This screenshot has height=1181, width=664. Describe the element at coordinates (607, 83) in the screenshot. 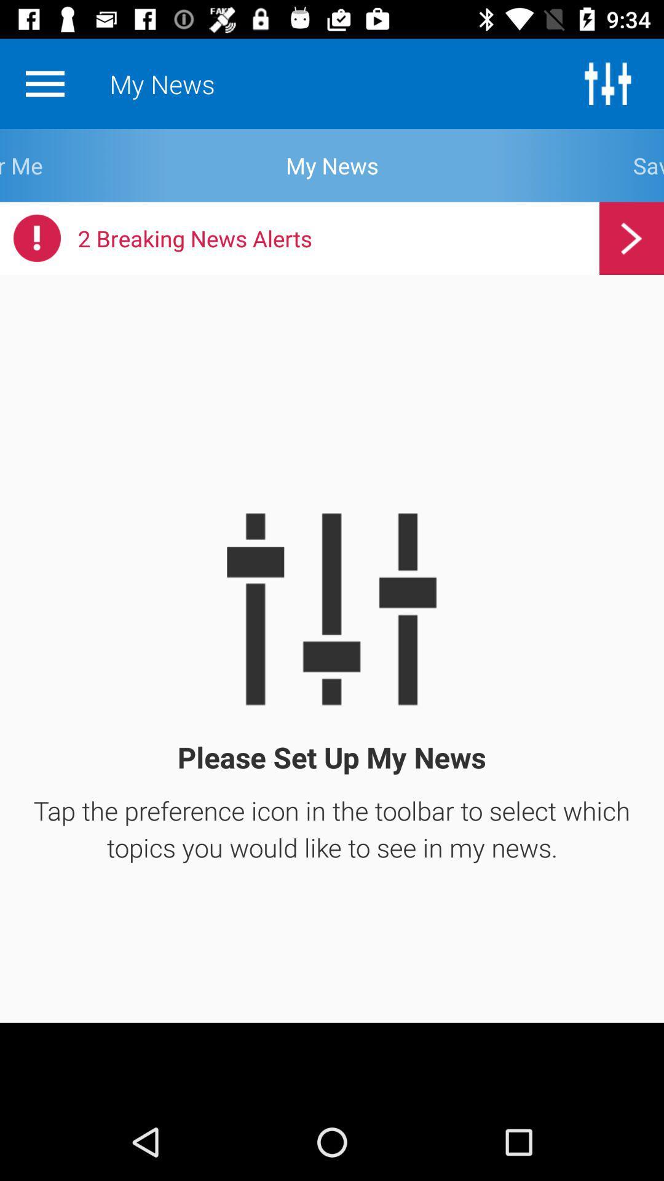

I see `the sliders icon` at that location.